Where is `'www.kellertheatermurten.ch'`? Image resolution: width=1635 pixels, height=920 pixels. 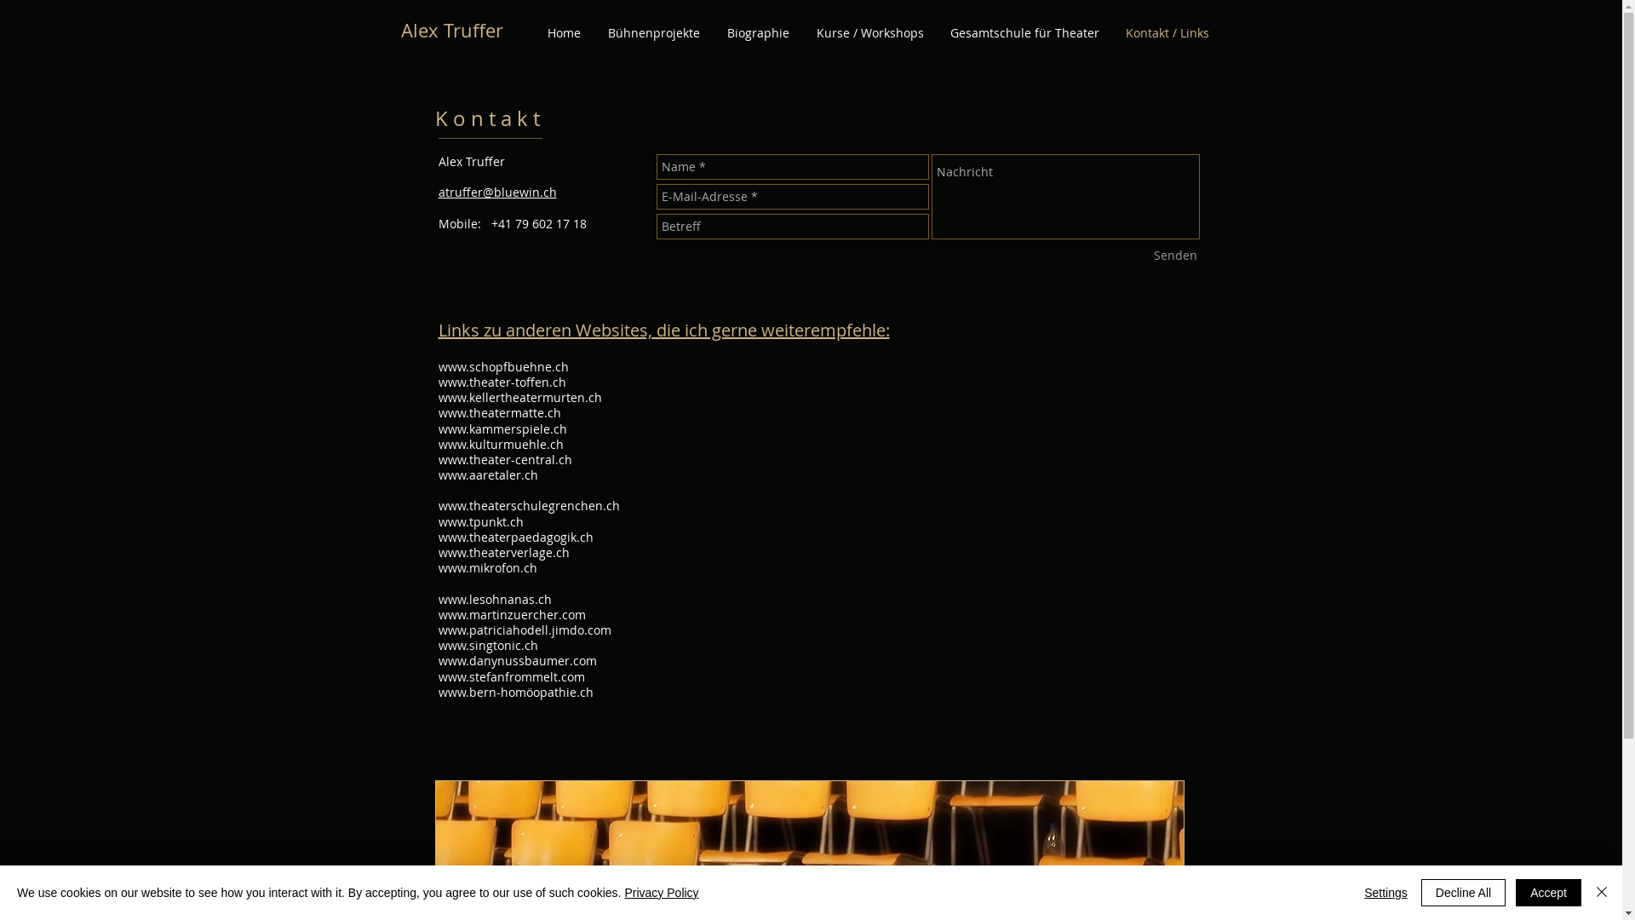 'www.kellertheatermurten.ch' is located at coordinates (518, 397).